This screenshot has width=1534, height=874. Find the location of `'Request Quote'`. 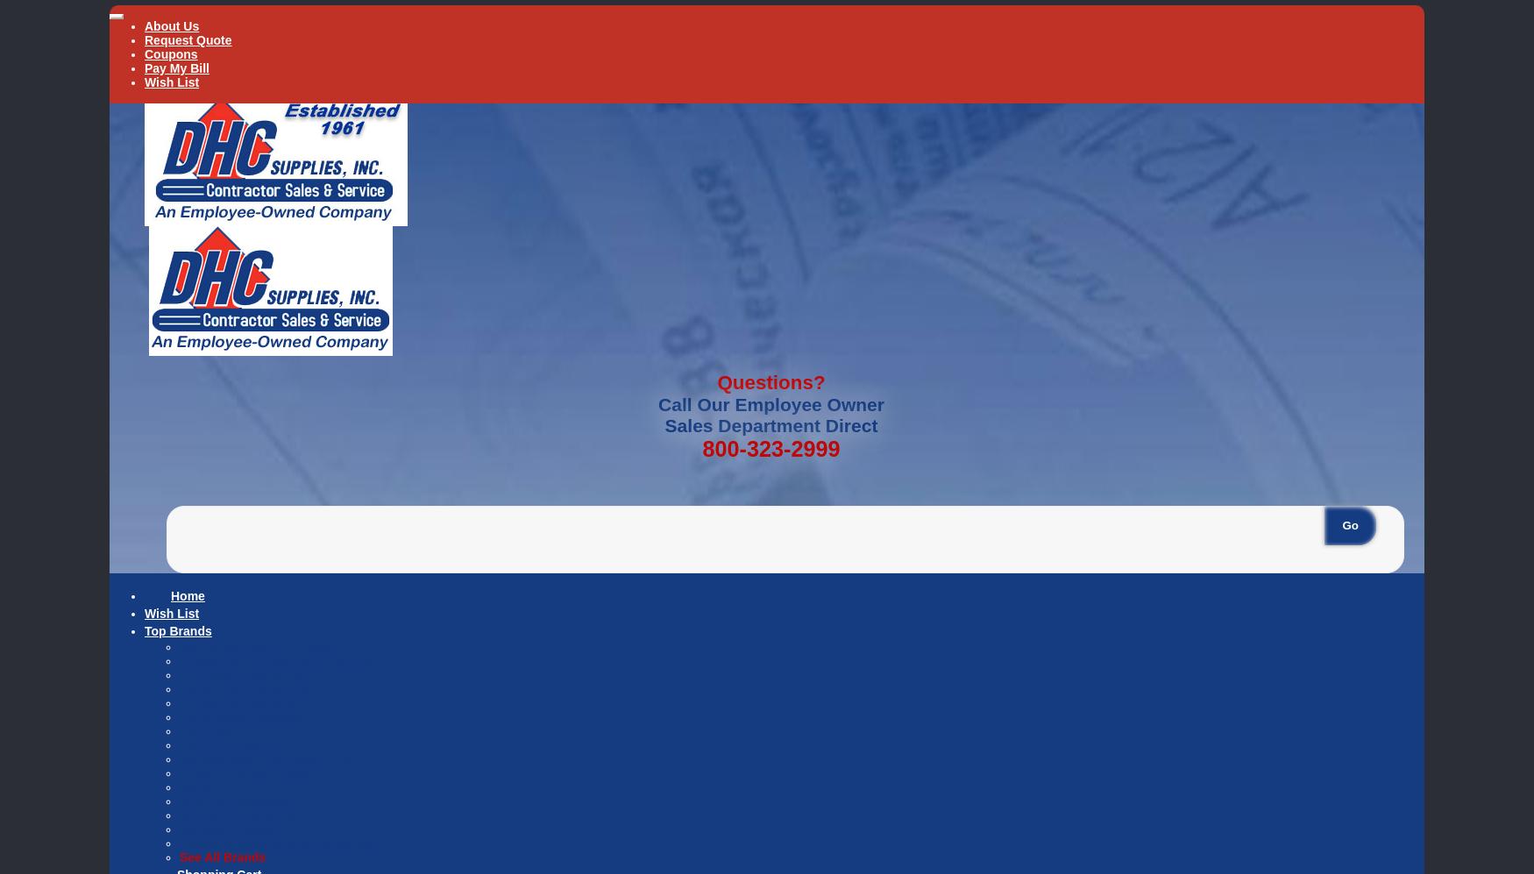

'Request Quote' is located at coordinates (188, 39).